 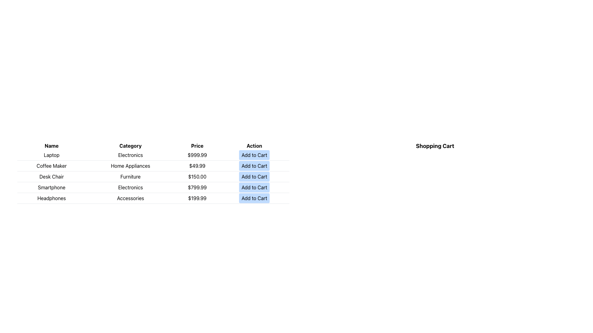 I want to click on the product entry for 'Desk Chair' in the table, which is the third row detailing its category as 'Furniture' and price as '$150.00', so click(x=153, y=177).